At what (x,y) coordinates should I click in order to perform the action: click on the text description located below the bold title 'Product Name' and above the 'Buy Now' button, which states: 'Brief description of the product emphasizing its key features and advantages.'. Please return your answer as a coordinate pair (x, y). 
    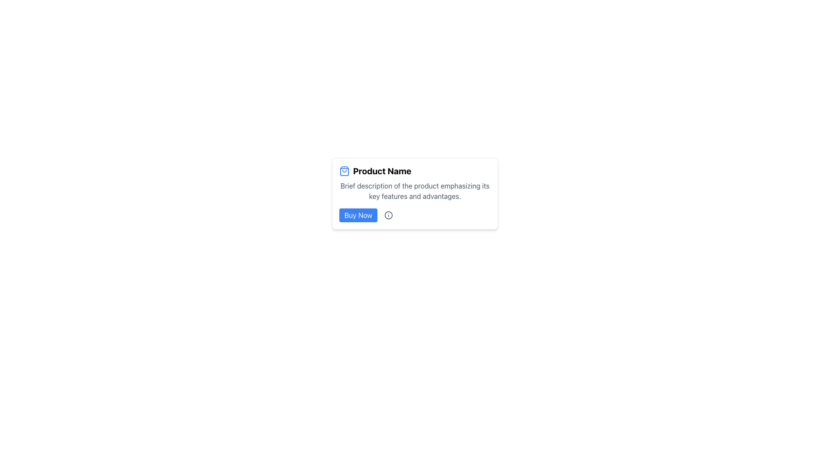
    Looking at the image, I should click on (415, 191).